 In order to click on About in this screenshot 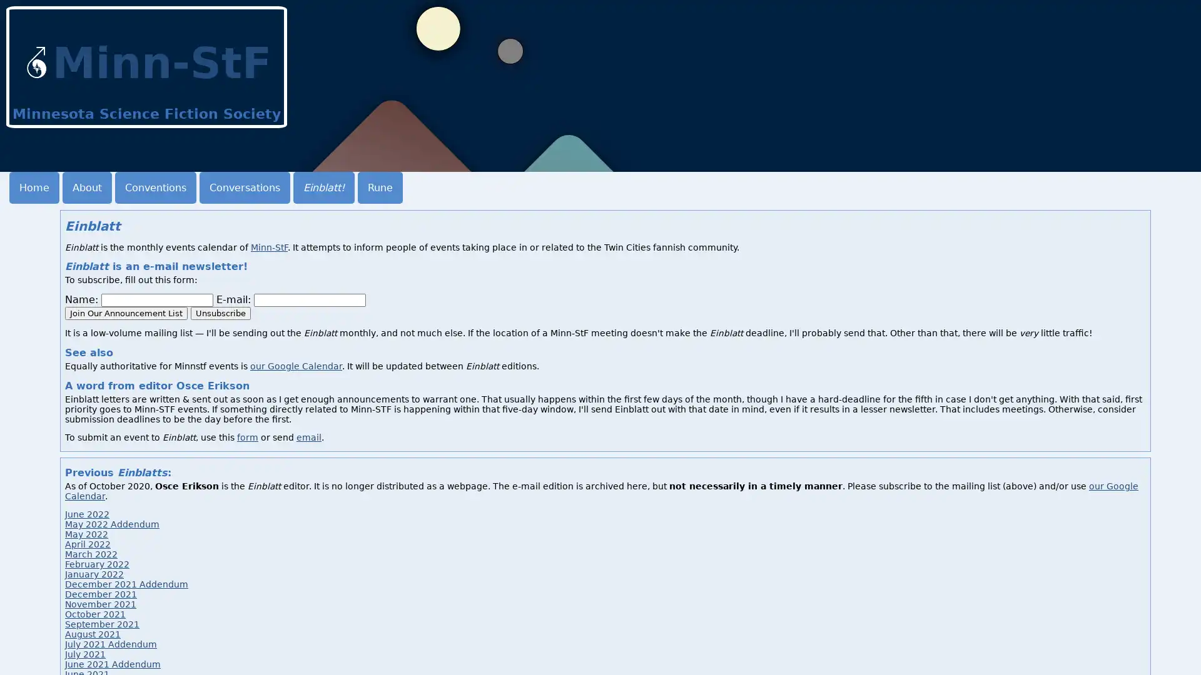, I will do `click(86, 187)`.